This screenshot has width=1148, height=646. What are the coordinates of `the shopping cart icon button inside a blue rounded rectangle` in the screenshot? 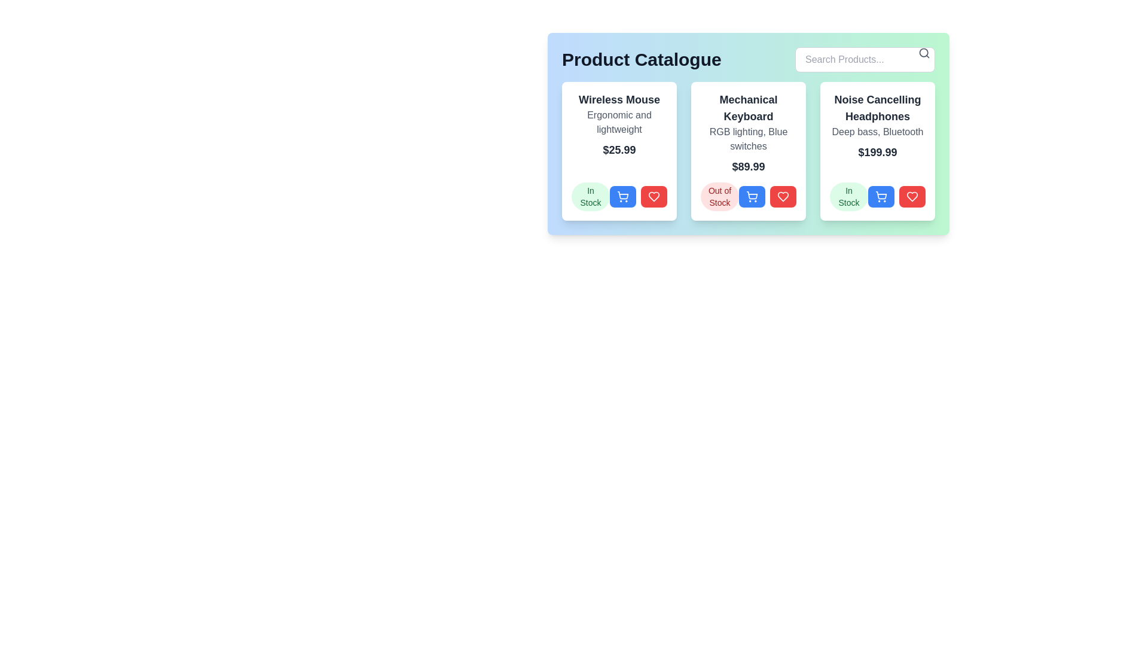 It's located at (881, 196).